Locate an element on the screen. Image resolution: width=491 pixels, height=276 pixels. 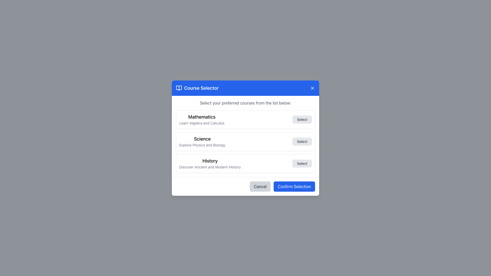
the text label containing the phrase 'Explore Physics and Biology', which is a descriptive subtitle under the bold heading 'Science' in the 'Course Selector' dialog box is located at coordinates (202, 145).